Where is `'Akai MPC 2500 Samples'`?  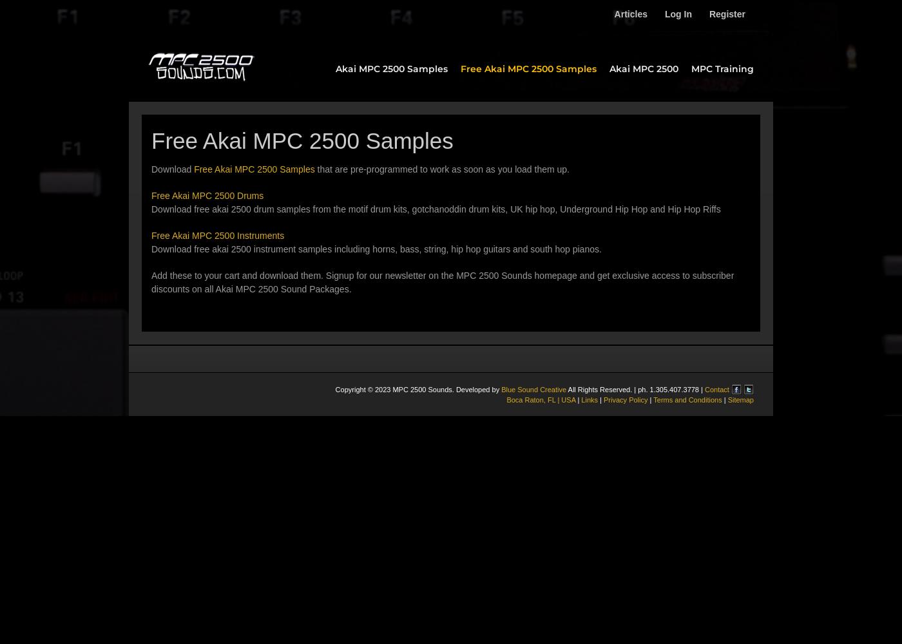
'Akai MPC 2500 Samples' is located at coordinates (392, 68).